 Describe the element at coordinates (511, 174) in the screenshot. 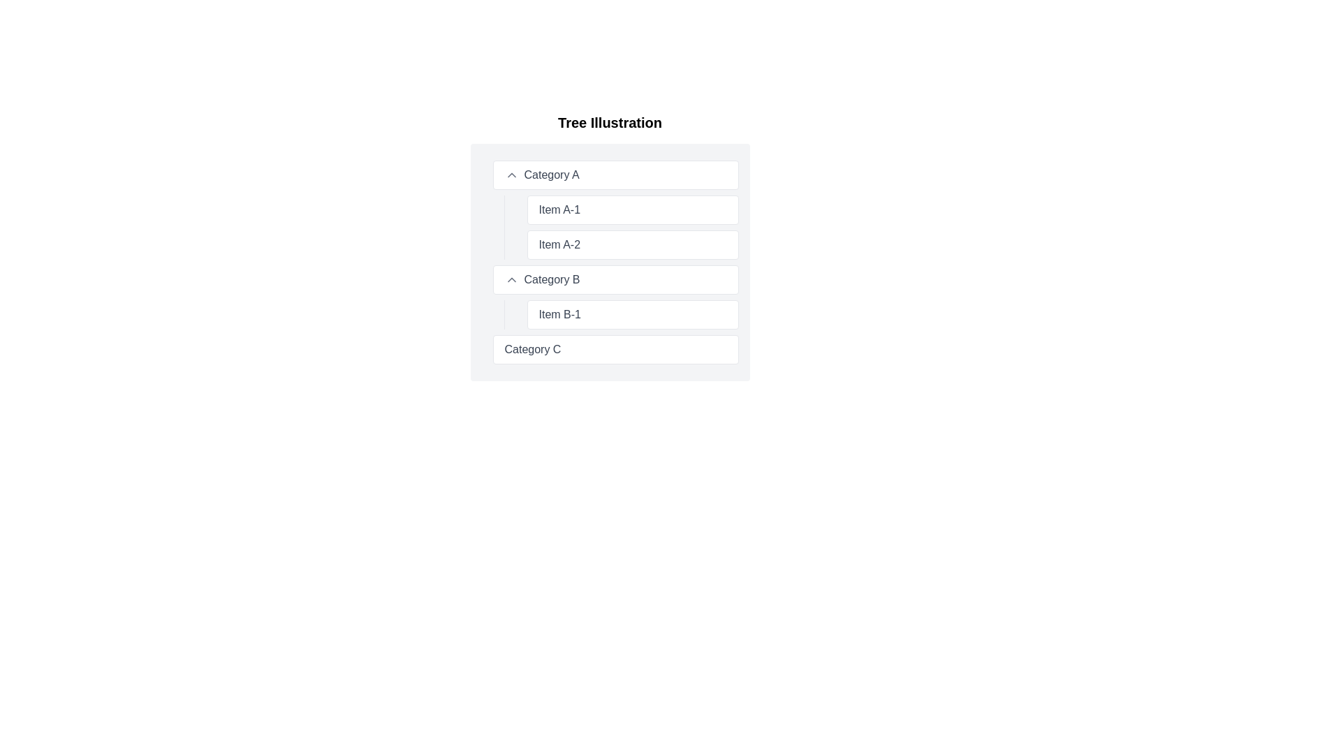

I see `the expansion toggle icon located at the leftmost section of the row labeled 'Category A'` at that location.